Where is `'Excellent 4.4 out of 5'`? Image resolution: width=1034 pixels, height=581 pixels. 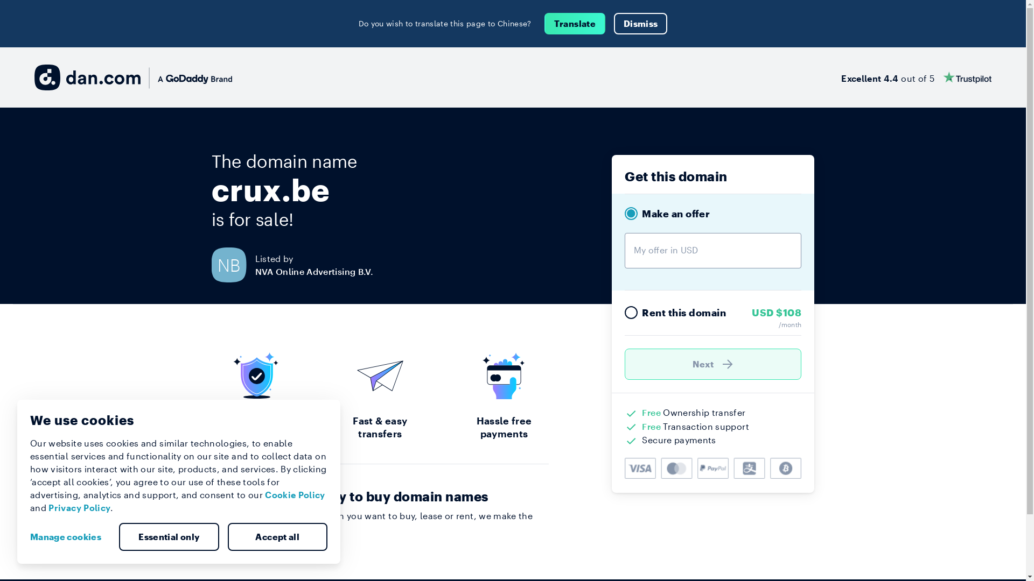 'Excellent 4.4 out of 5' is located at coordinates (840, 76).